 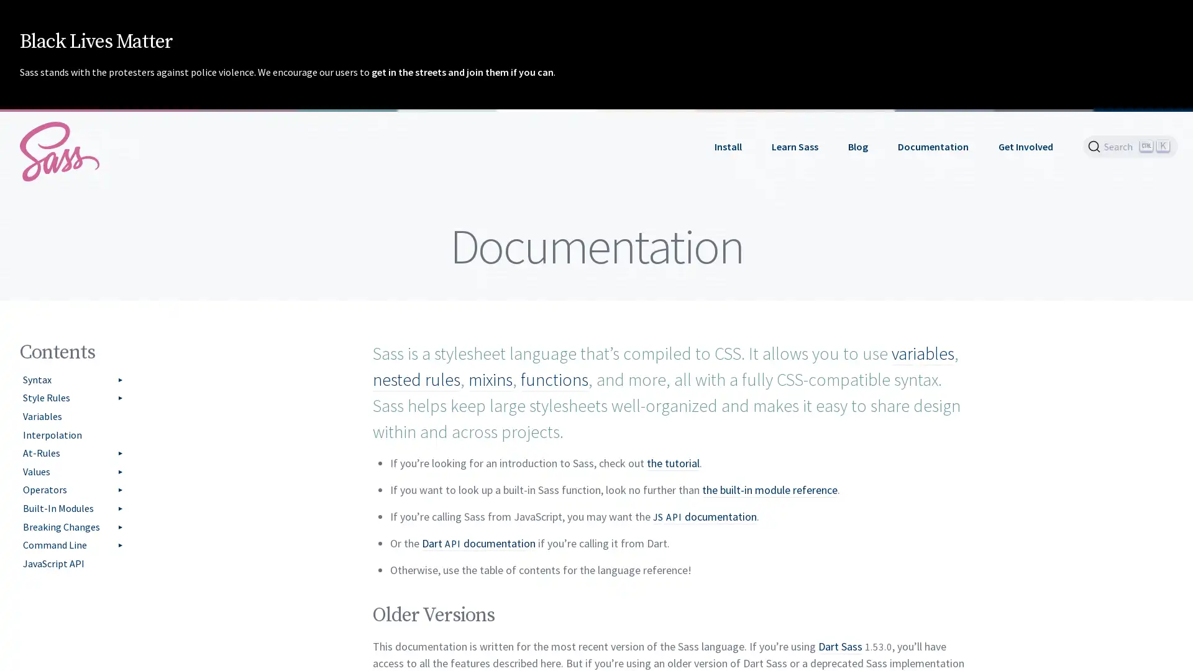 What do you see at coordinates (1130, 145) in the screenshot?
I see `Search` at bounding box center [1130, 145].